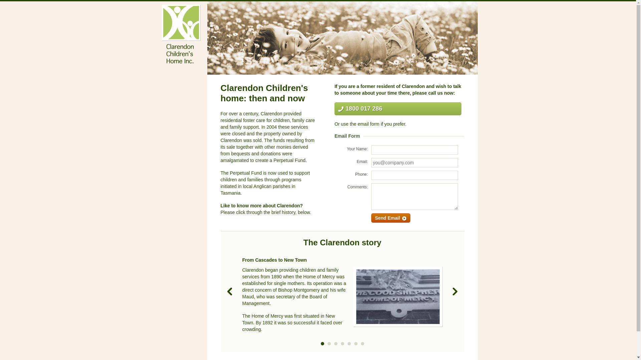  What do you see at coordinates (335, 108) in the screenshot?
I see `'1800 017 286'` at bounding box center [335, 108].